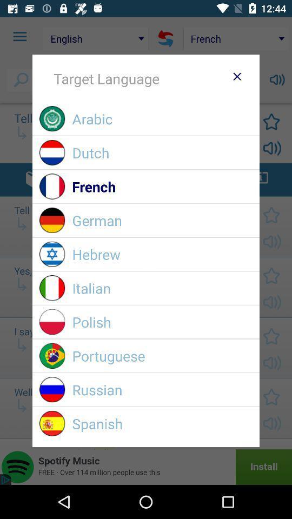 Image resolution: width=292 pixels, height=519 pixels. Describe the element at coordinates (162, 254) in the screenshot. I see `icon above the italian` at that location.